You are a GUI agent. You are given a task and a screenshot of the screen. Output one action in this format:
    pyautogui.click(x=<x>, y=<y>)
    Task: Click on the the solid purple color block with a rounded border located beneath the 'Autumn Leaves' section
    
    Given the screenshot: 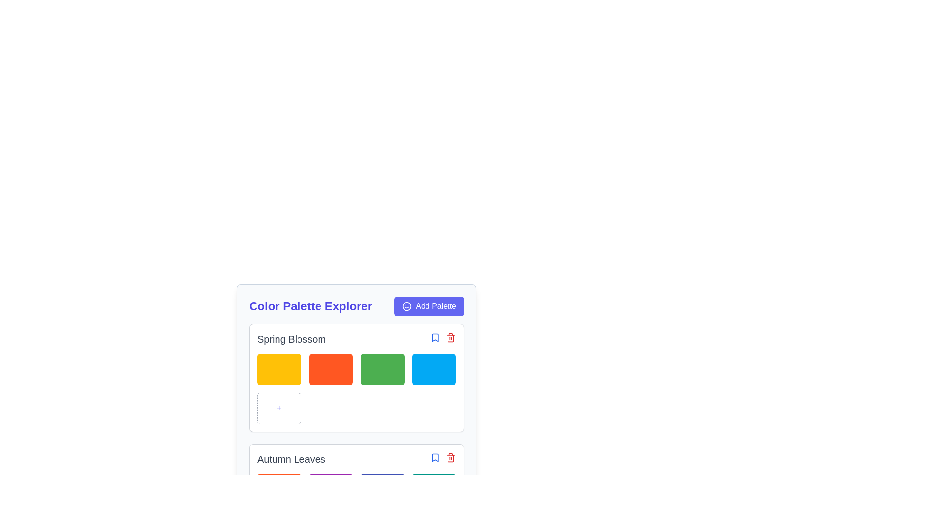 What is the action you would take?
    pyautogui.click(x=331, y=489)
    